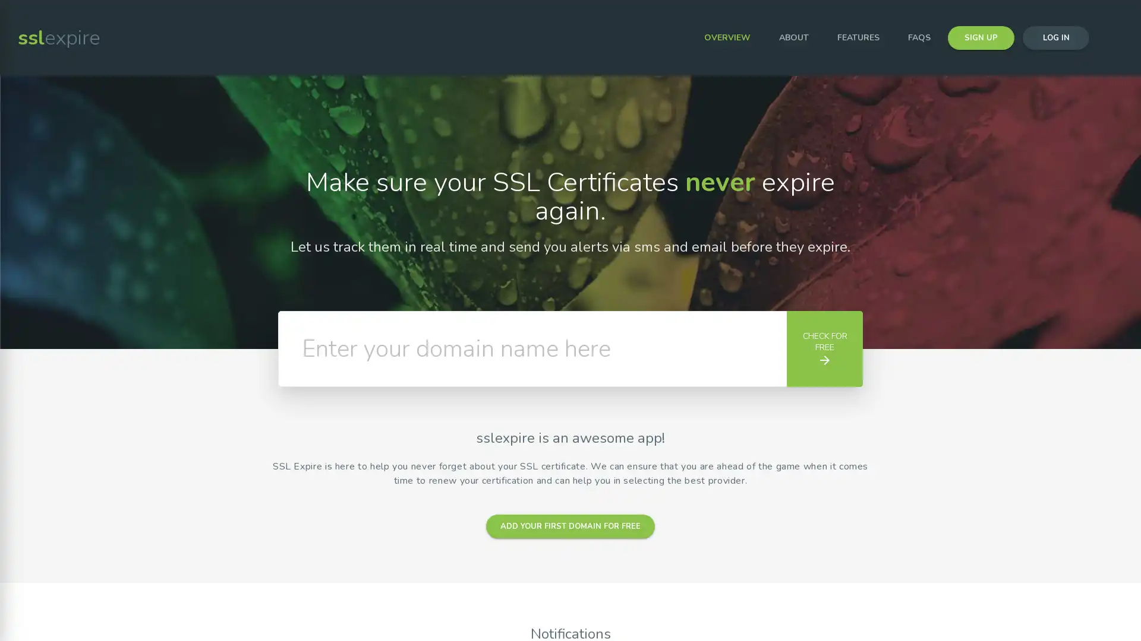 The image size is (1141, 641). What do you see at coordinates (824, 348) in the screenshot?
I see `CHECK FOR FREE arrow_forward` at bounding box center [824, 348].